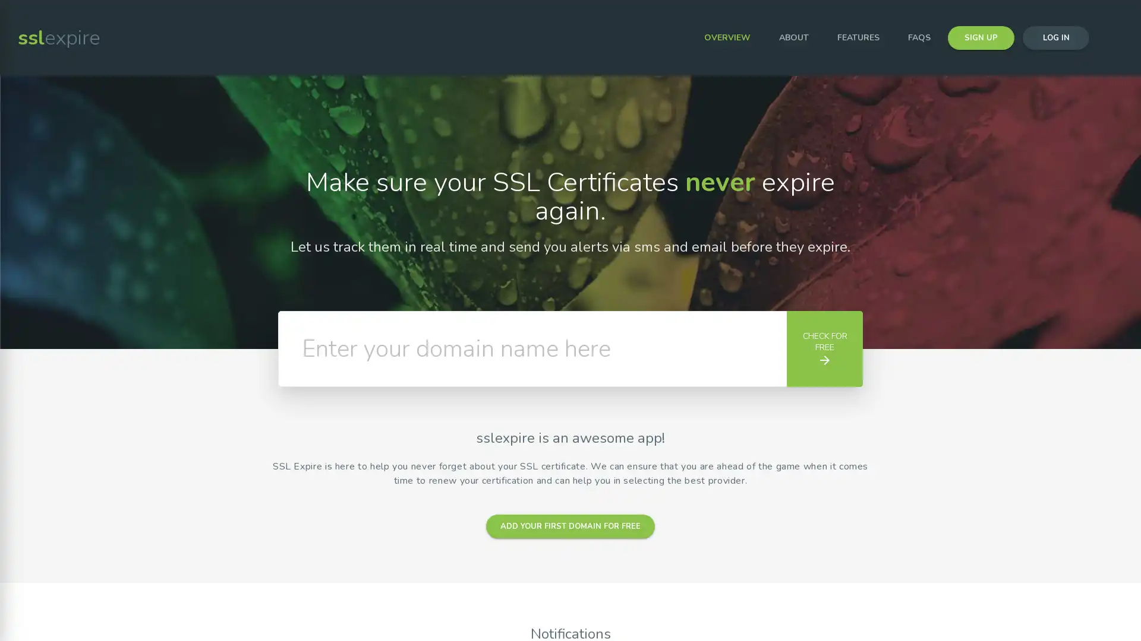 The image size is (1141, 641). What do you see at coordinates (824, 348) in the screenshot?
I see `CHECK FOR FREE arrow_forward` at bounding box center [824, 348].